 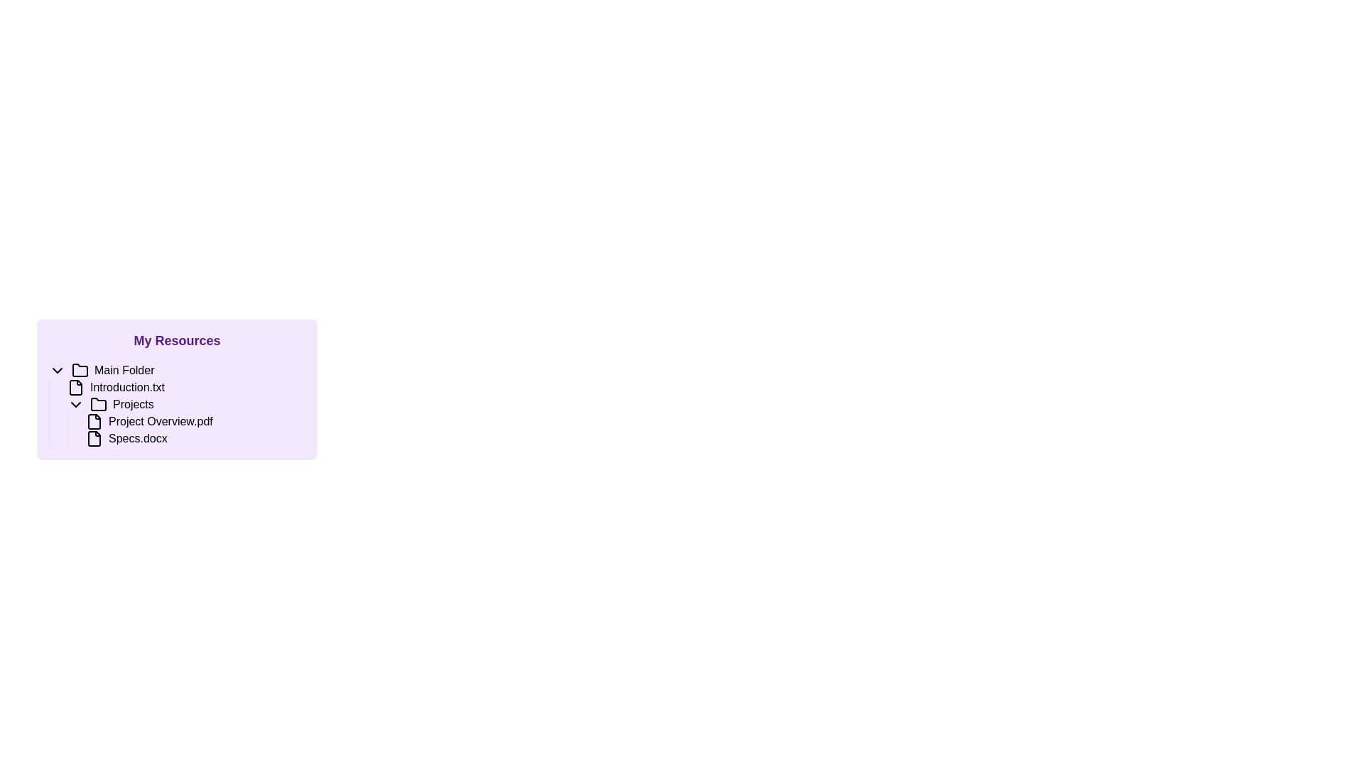 What do you see at coordinates (176, 405) in the screenshot?
I see `the 'Projects' folder` at bounding box center [176, 405].